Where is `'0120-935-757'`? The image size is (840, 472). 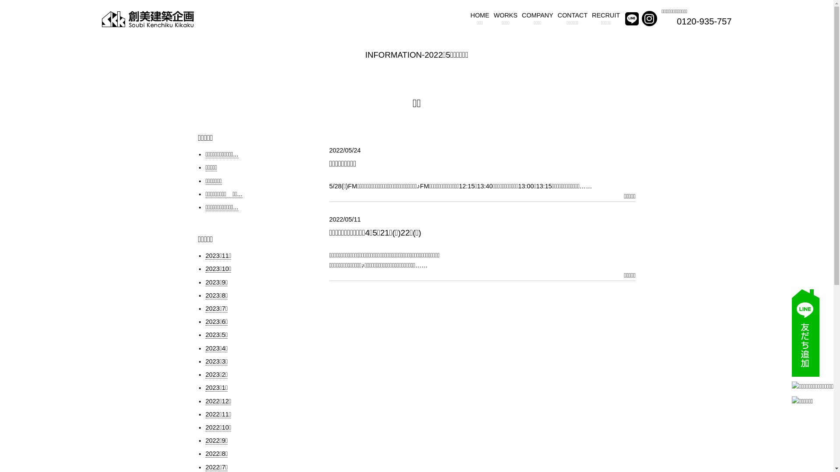
'0120-935-757' is located at coordinates (676, 21).